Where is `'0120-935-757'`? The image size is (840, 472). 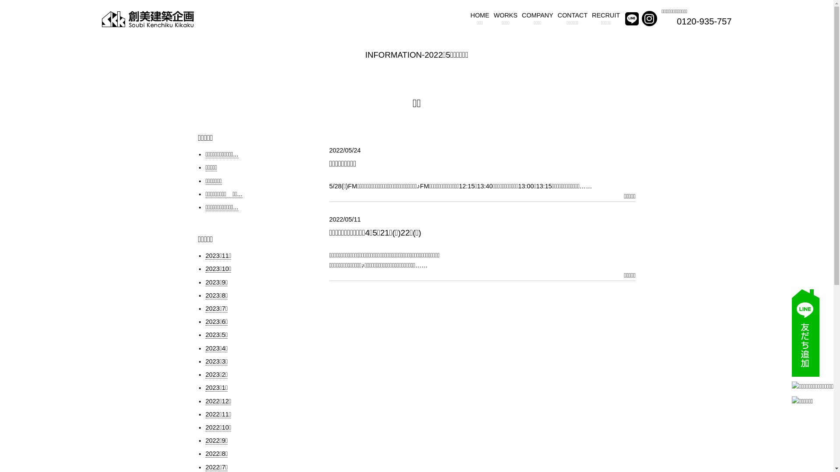
'0120-935-757' is located at coordinates (676, 21).